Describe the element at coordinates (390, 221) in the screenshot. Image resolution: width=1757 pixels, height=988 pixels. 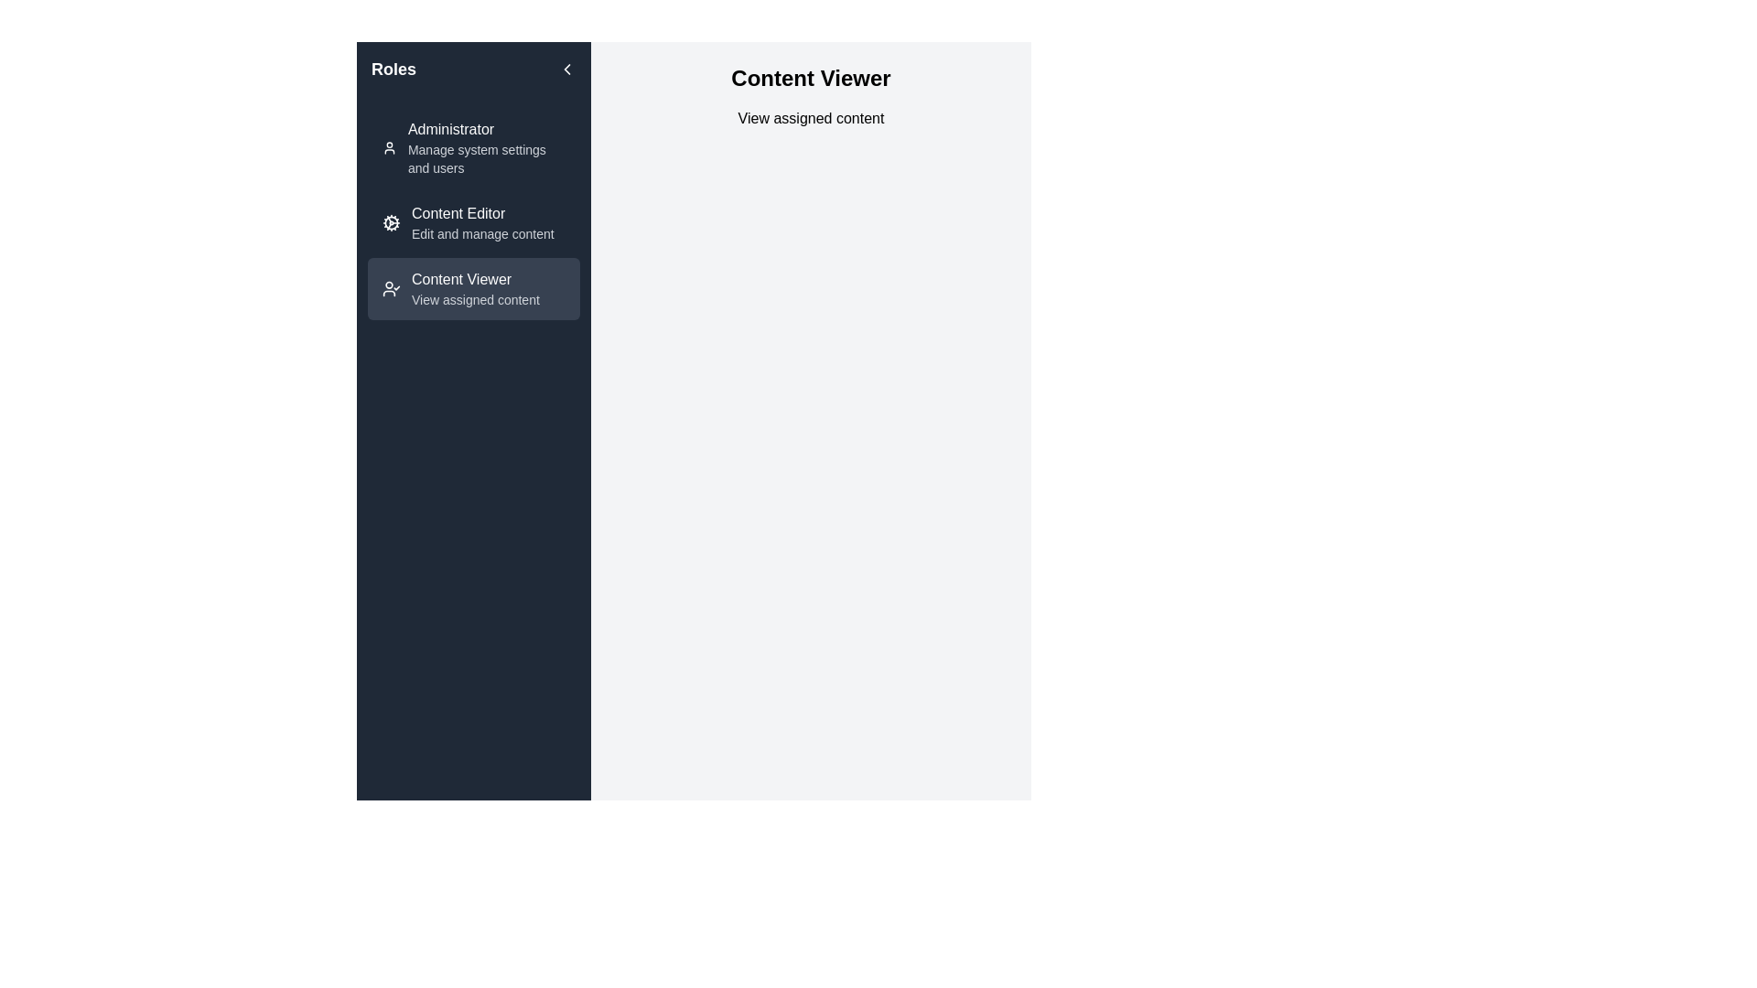
I see `the circular cog or gear icon in the sidebar menu next to the 'Content Editor' label` at that location.